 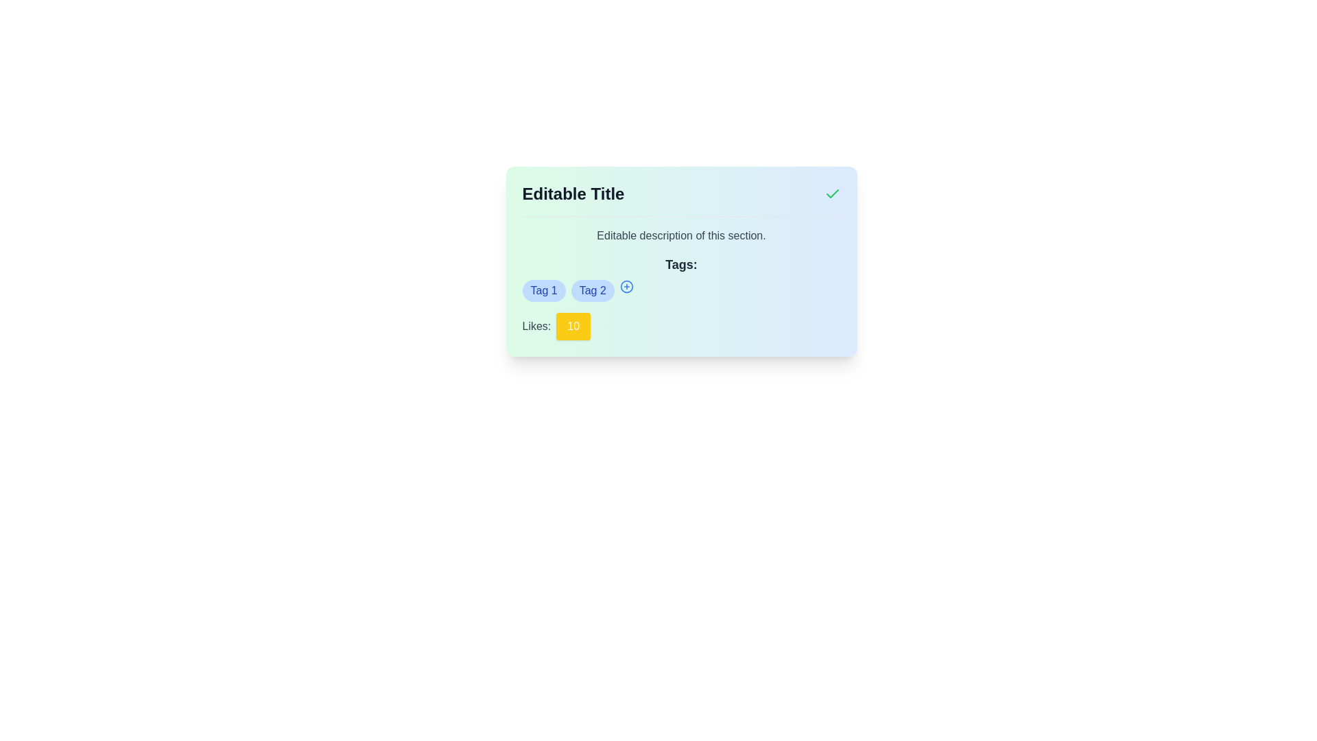 What do you see at coordinates (681, 278) in the screenshot?
I see `the label that serves as a context for the tags section, which is positioned below the description text and above the 'Likes' counter` at bounding box center [681, 278].